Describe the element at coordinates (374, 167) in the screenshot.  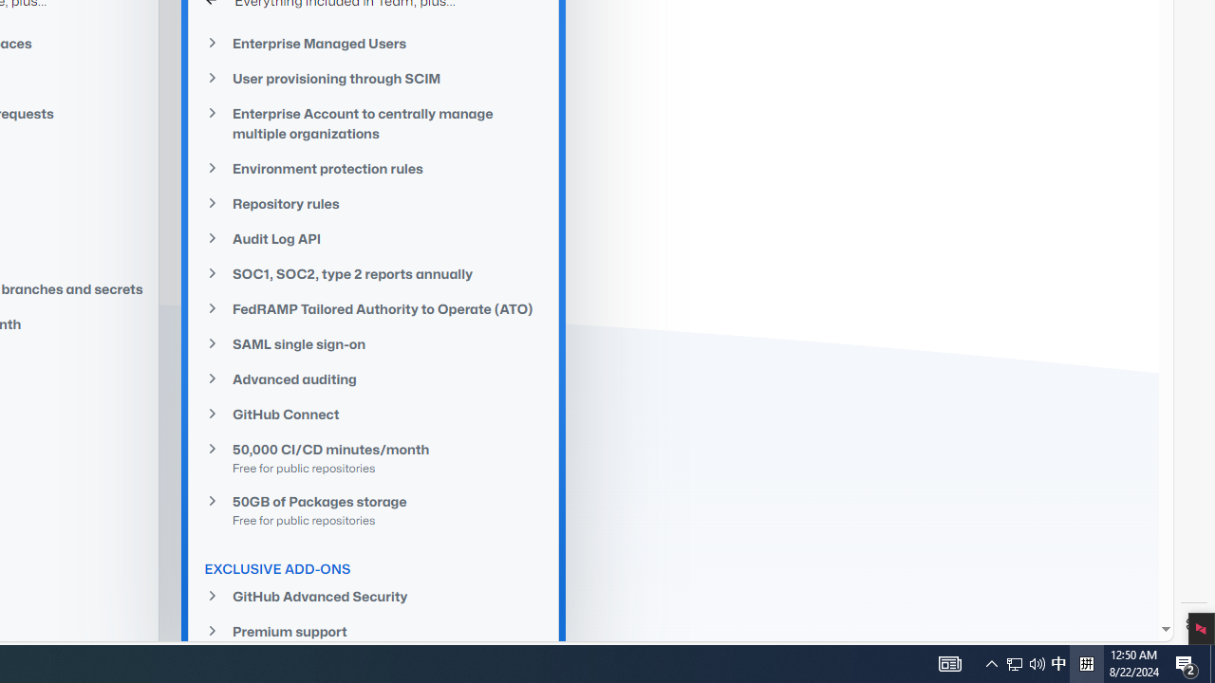
I see `'Environment protection rules'` at that location.